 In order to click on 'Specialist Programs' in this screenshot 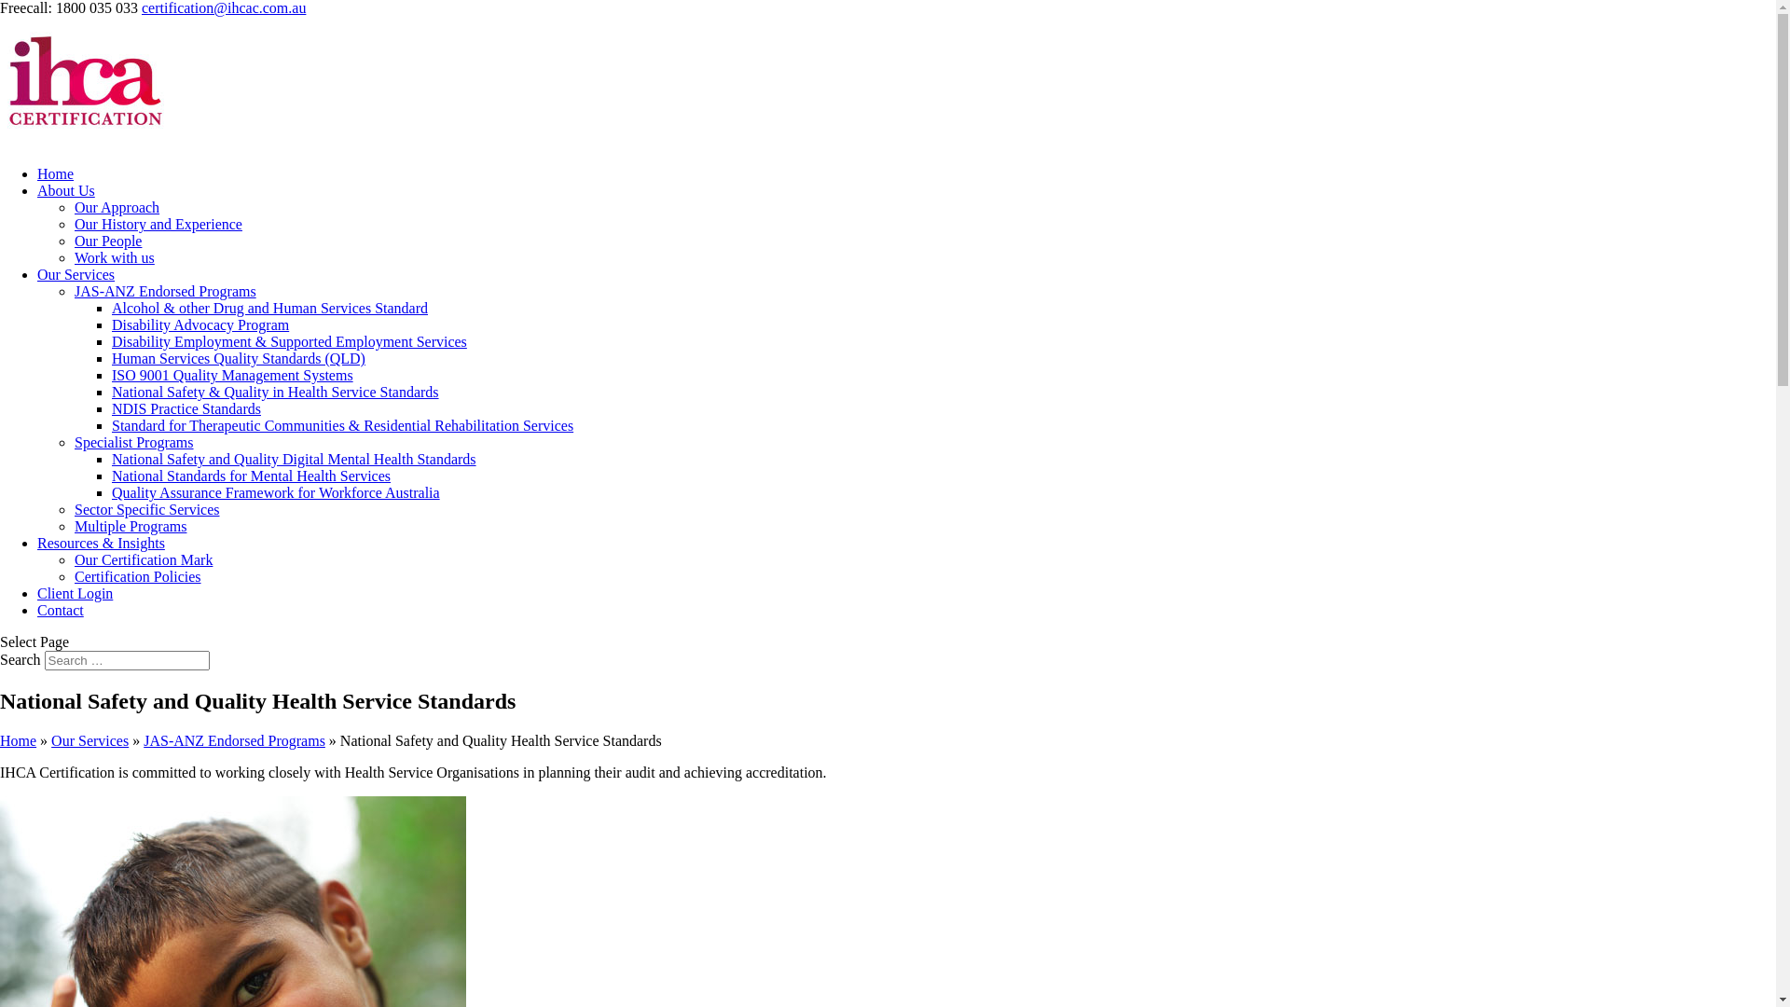, I will do `click(133, 442)`.